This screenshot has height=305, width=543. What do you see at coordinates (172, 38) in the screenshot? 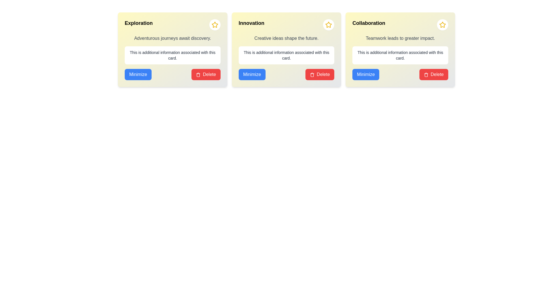
I see `the text label that displays 'Adventurous journeys await discovery.' within the 'Exploration' card, which is above the additional information area` at bounding box center [172, 38].